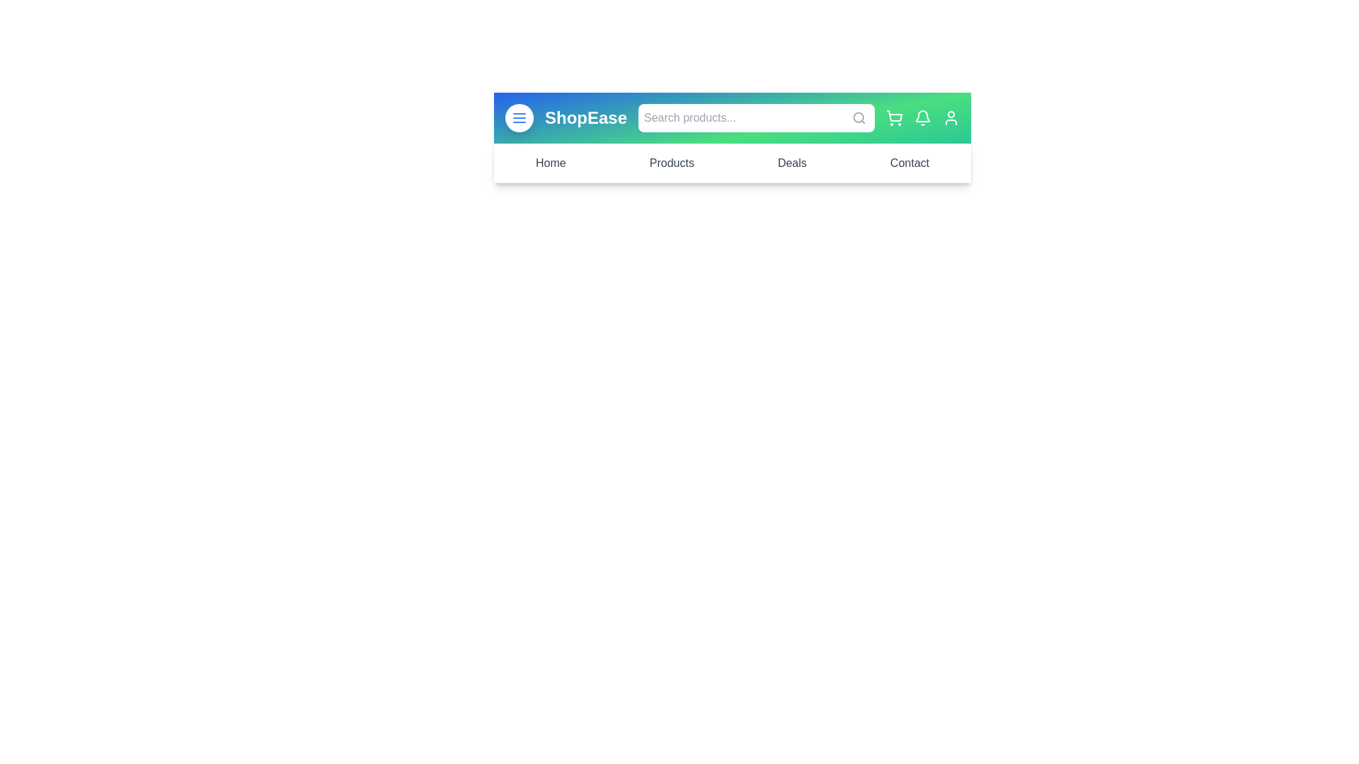 Image resolution: width=1359 pixels, height=764 pixels. I want to click on the shopping cart icon, so click(893, 117).